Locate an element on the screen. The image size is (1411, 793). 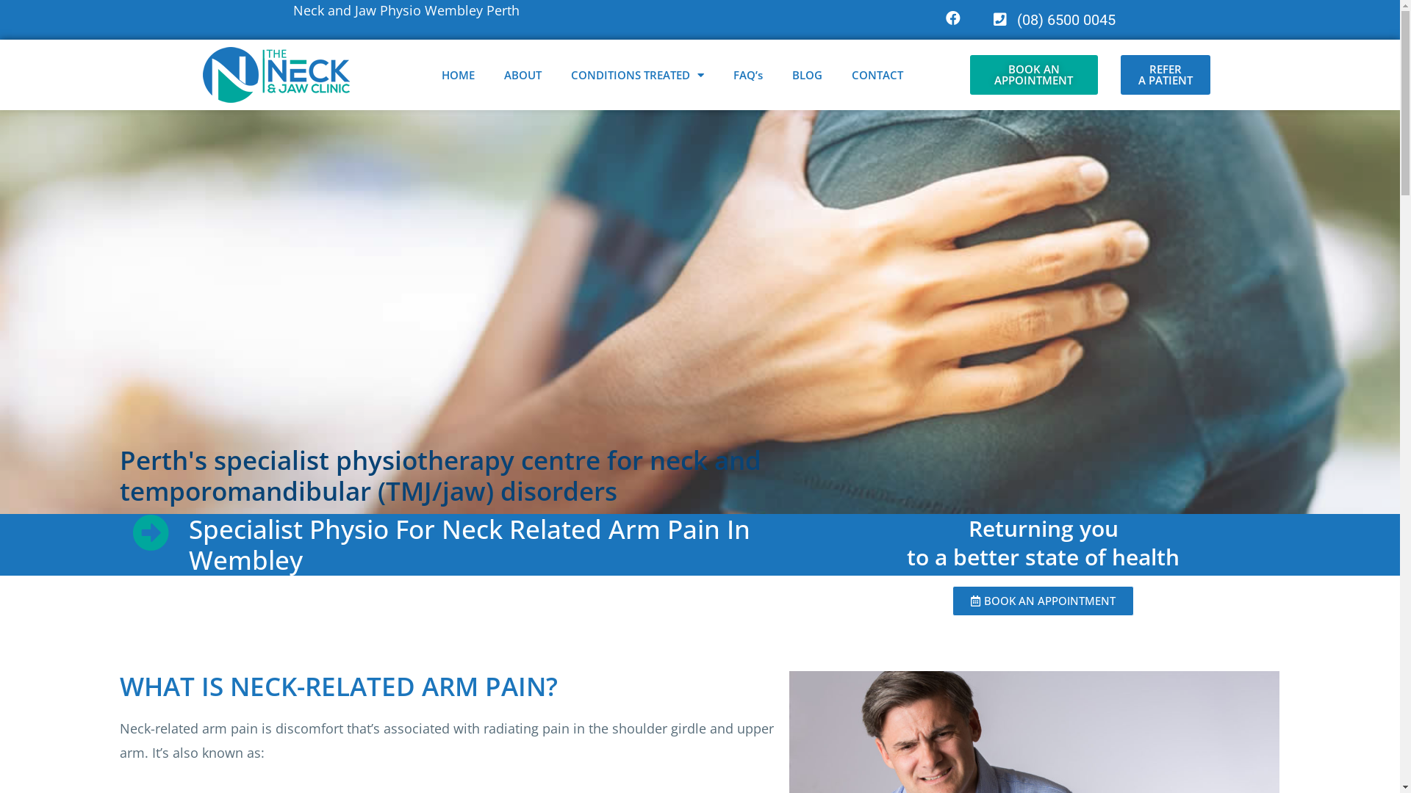
'CONDITIONS TREATED' is located at coordinates (637, 74).